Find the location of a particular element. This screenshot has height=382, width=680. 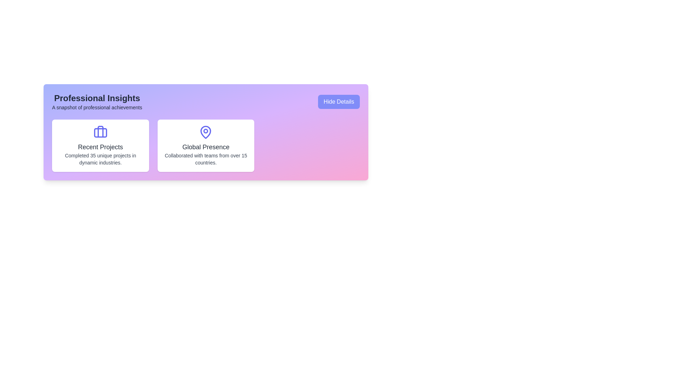

the 'Hide Details' button, which is a rectangular button with rounded corners, blue background, and white text, located in the top-right corner of the 'Professional Insights' section is located at coordinates (338, 102).